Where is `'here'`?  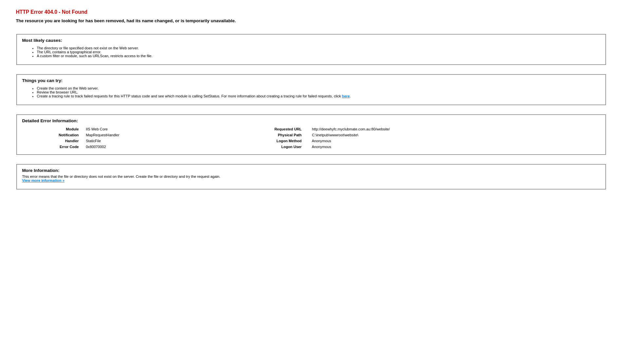
'here' is located at coordinates (342, 96).